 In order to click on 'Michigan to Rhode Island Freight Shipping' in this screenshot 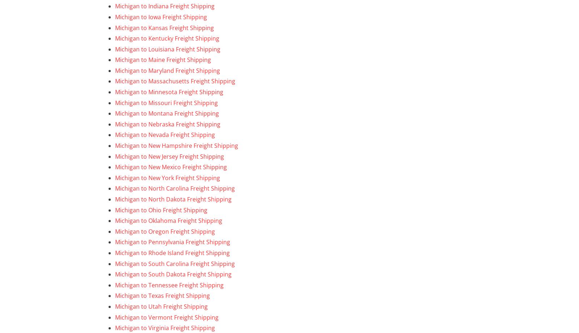, I will do `click(172, 252)`.